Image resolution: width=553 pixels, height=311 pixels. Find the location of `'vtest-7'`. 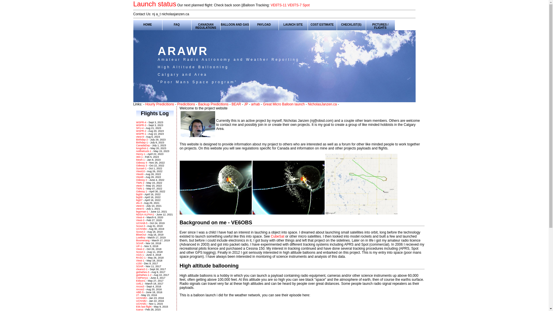

'vtest-7' is located at coordinates (140, 185).